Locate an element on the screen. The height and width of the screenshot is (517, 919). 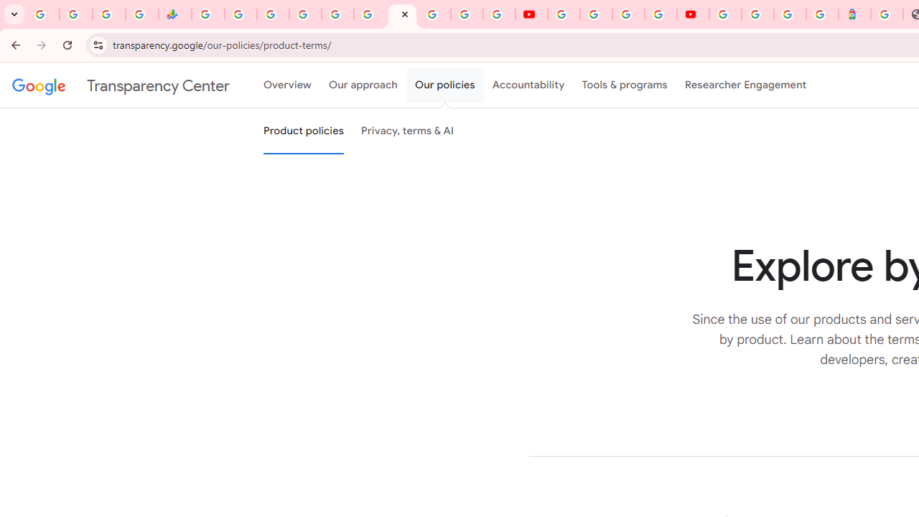
'Transparency Center' is located at coordinates (121, 85).